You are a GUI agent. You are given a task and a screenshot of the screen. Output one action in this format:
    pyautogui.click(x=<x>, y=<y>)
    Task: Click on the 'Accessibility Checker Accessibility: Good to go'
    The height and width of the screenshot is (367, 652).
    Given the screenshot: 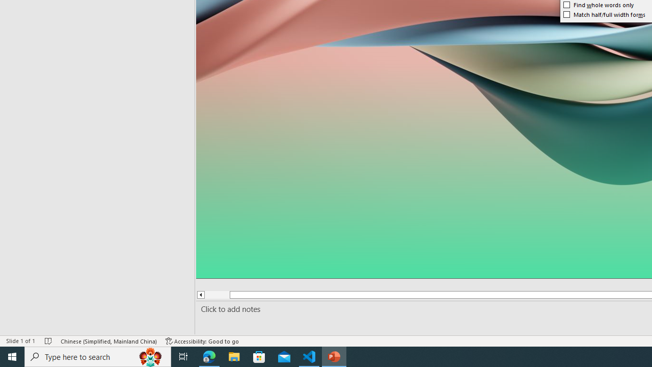 What is the action you would take?
    pyautogui.click(x=202, y=341)
    